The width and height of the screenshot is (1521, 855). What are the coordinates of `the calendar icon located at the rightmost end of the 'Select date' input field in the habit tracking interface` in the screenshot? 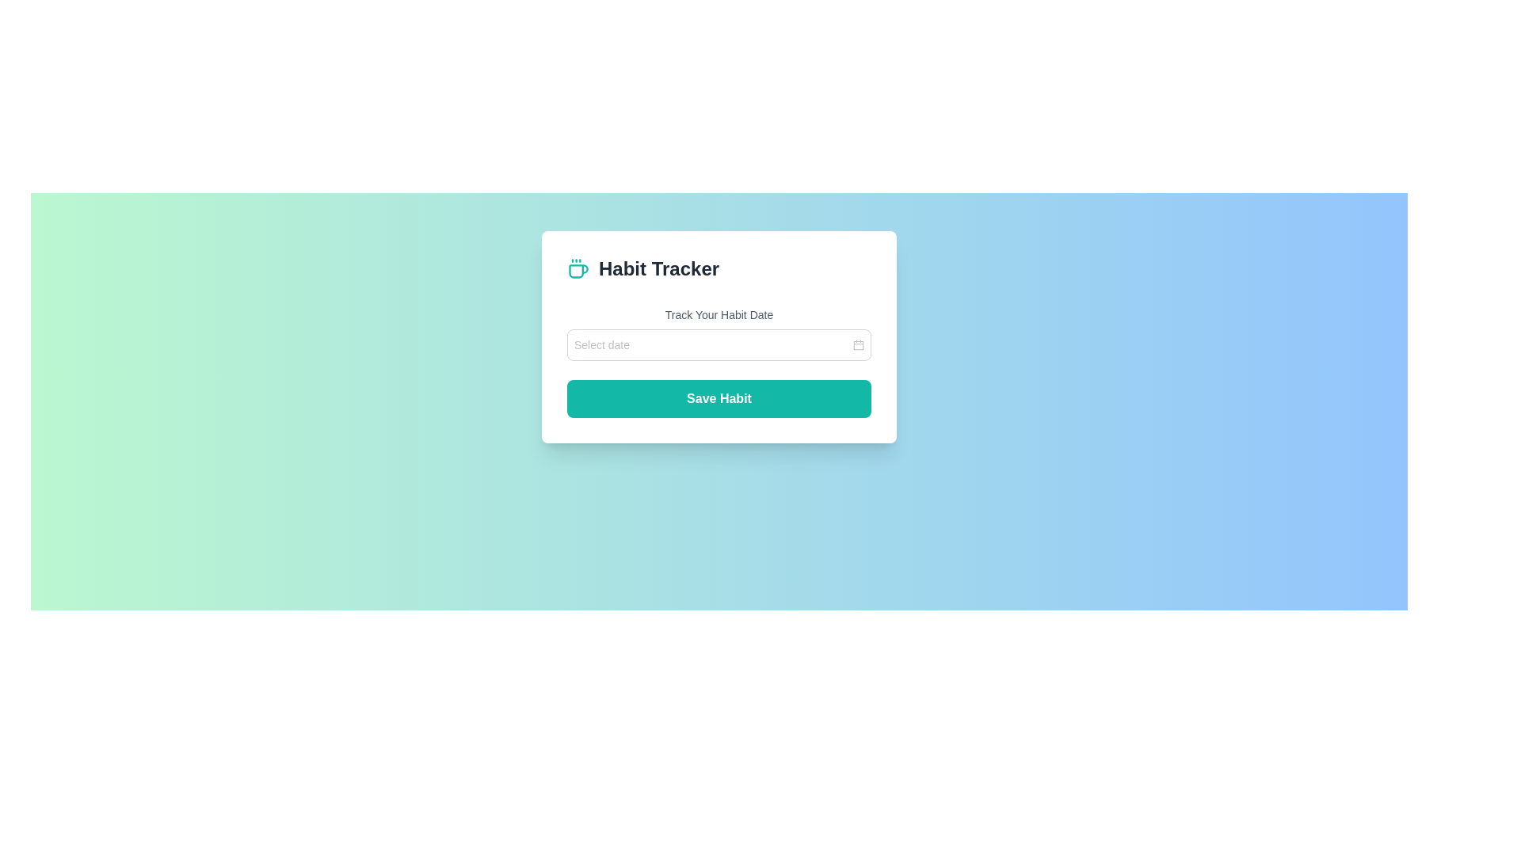 It's located at (858, 344).